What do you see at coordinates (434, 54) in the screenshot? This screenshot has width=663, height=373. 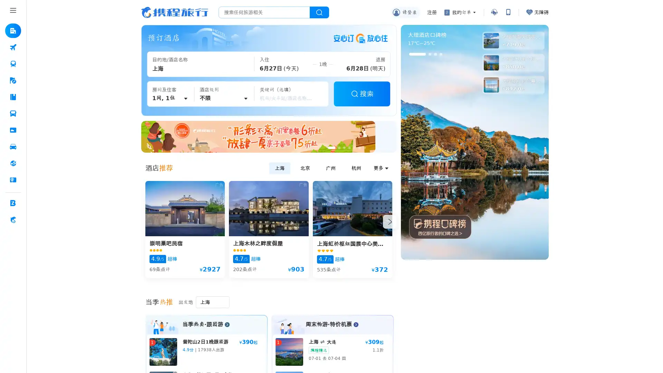 I see `Go to slide 3` at bounding box center [434, 54].